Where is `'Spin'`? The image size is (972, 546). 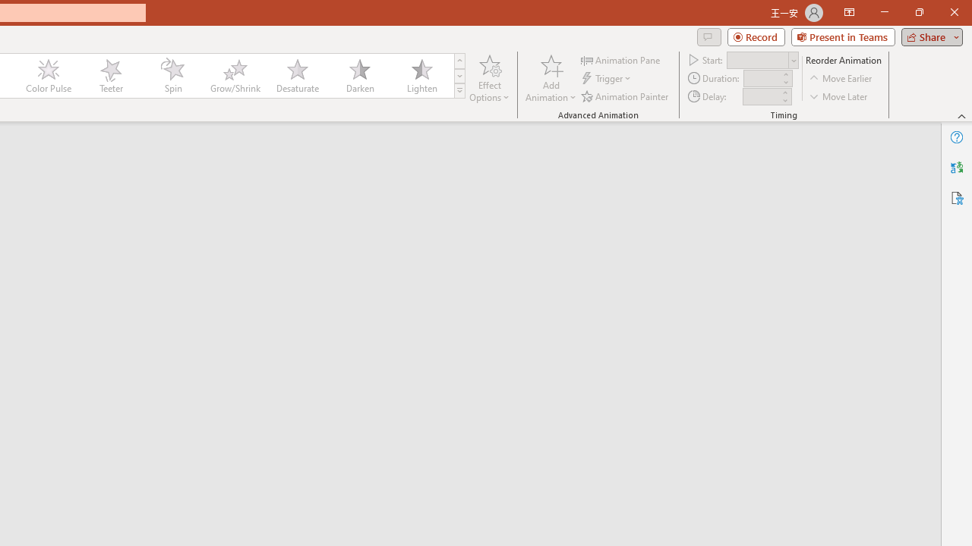 'Spin' is located at coordinates (172, 76).